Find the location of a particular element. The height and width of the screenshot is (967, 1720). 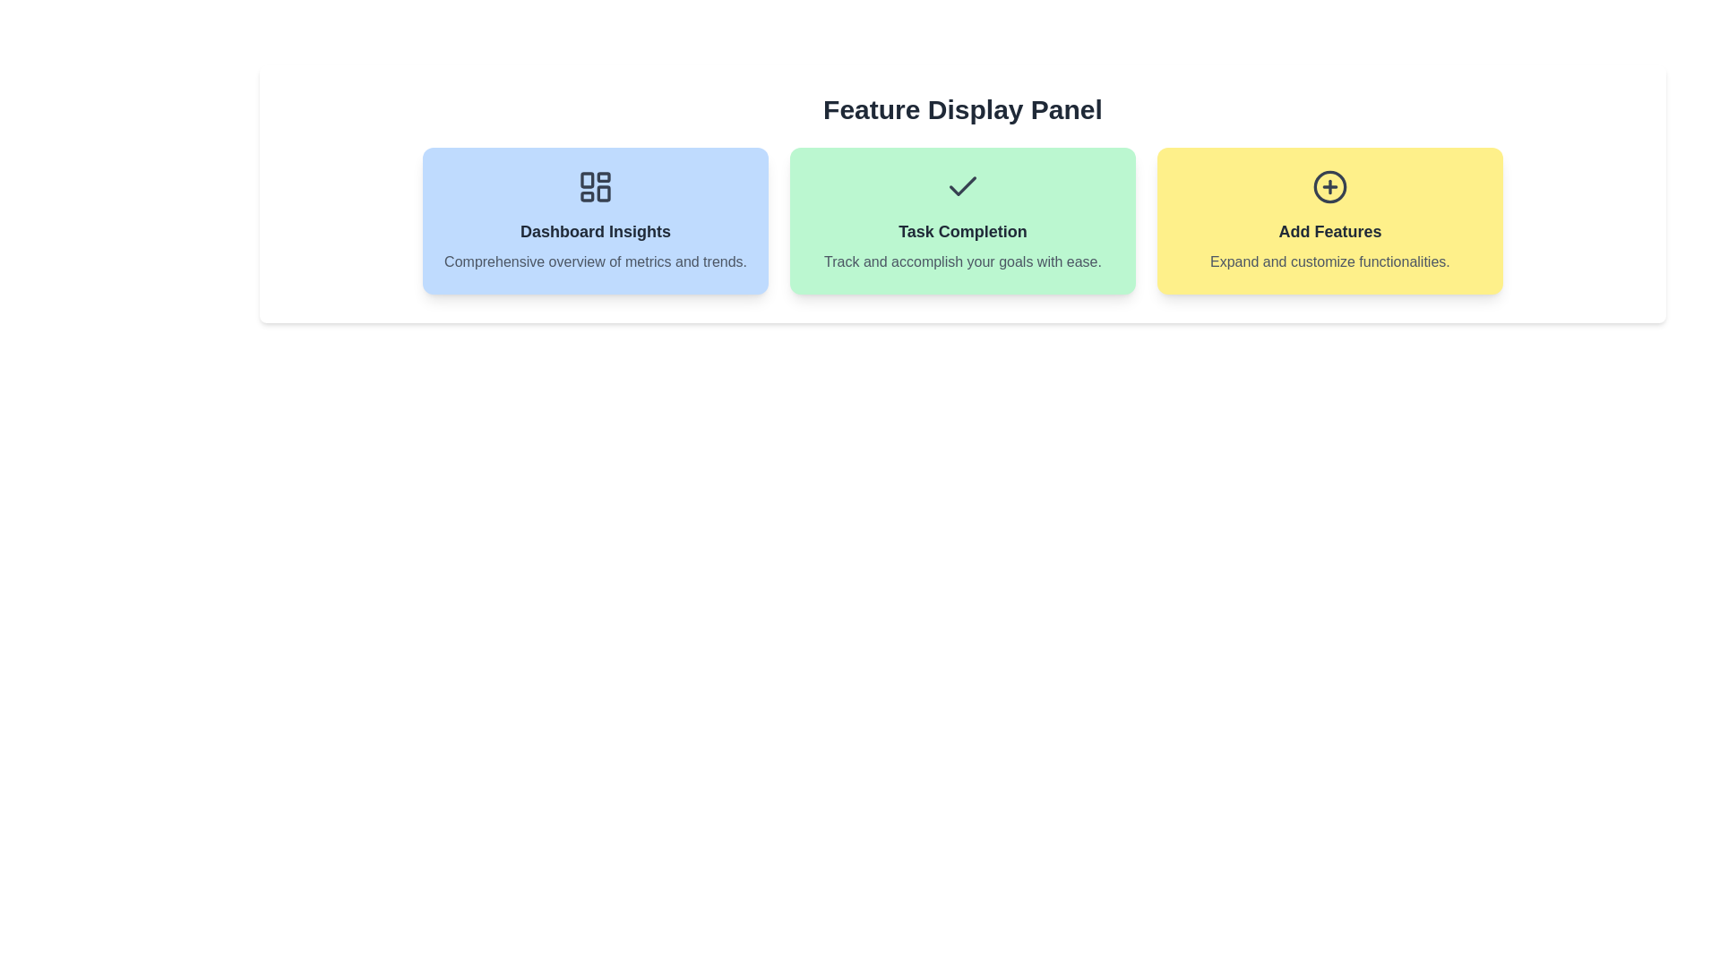

the text label that contains the phrase 'Comprehensive overview of metrics and trends.', which is styled with a gray font and located below the 'Dashboard Insights' title and an icon is located at coordinates (596, 262).